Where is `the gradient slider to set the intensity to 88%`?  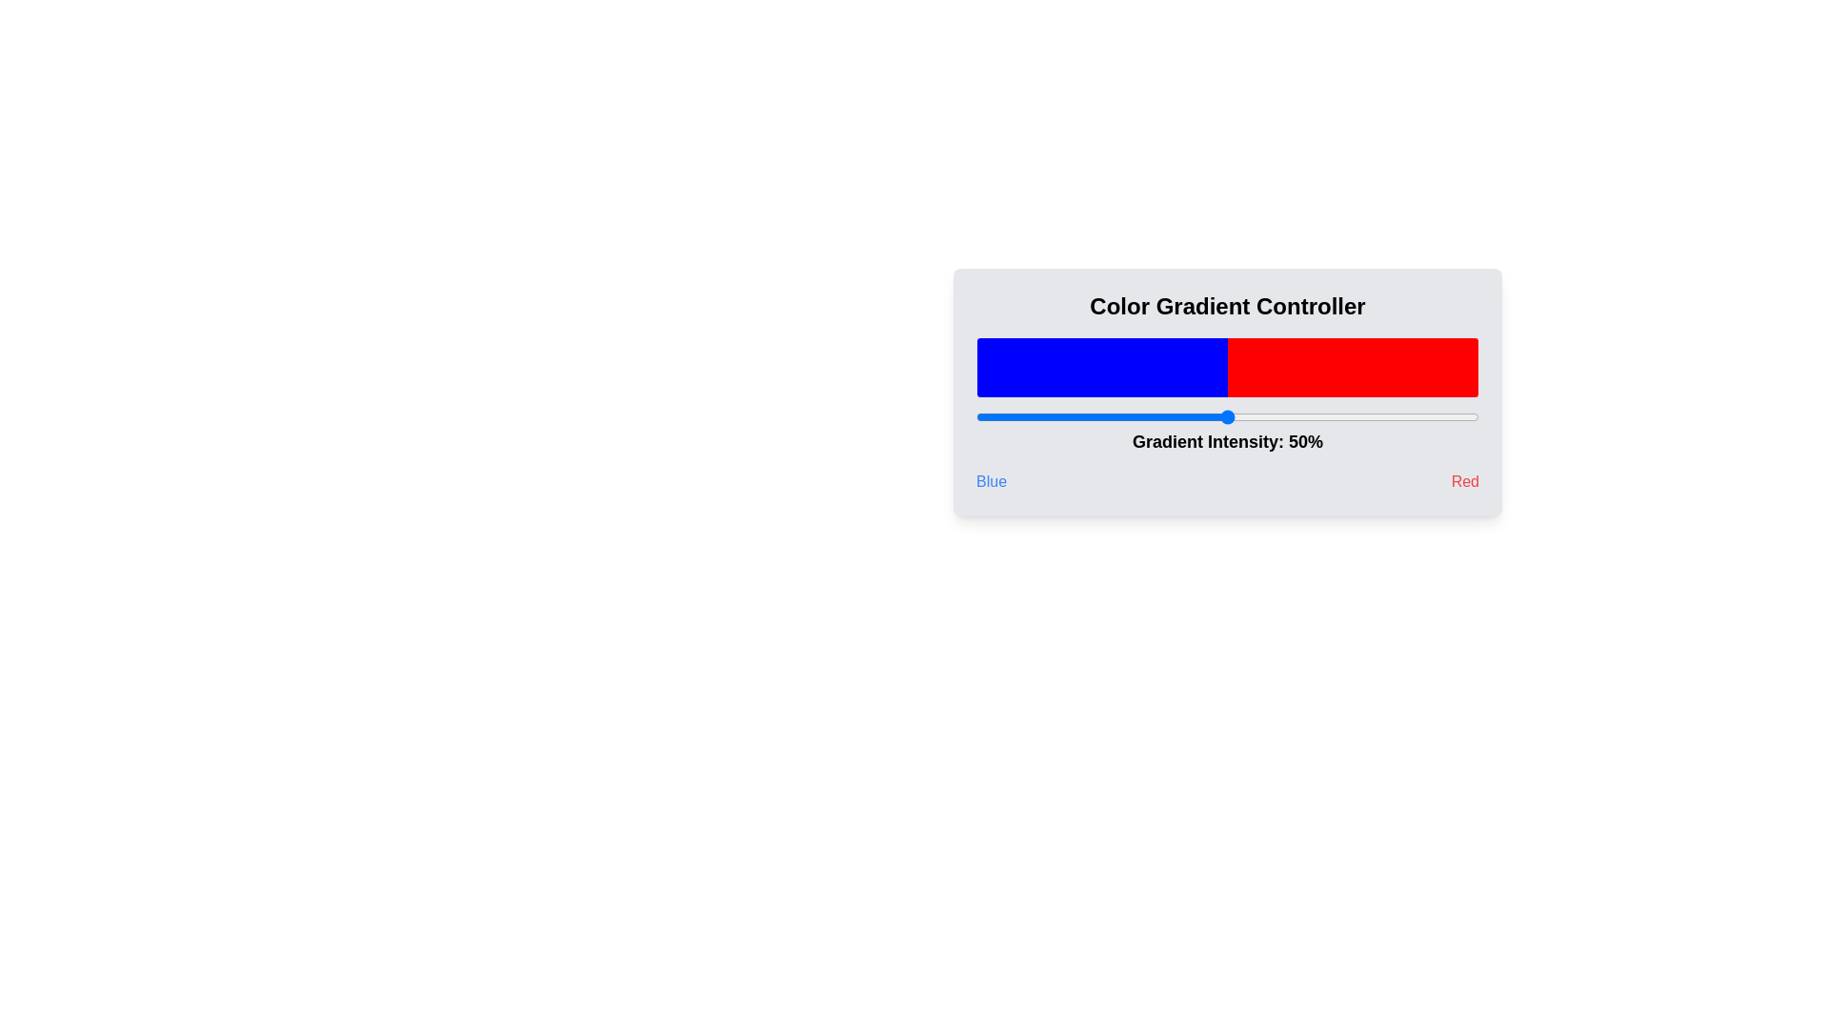 the gradient slider to set the intensity to 88% is located at coordinates (1418, 416).